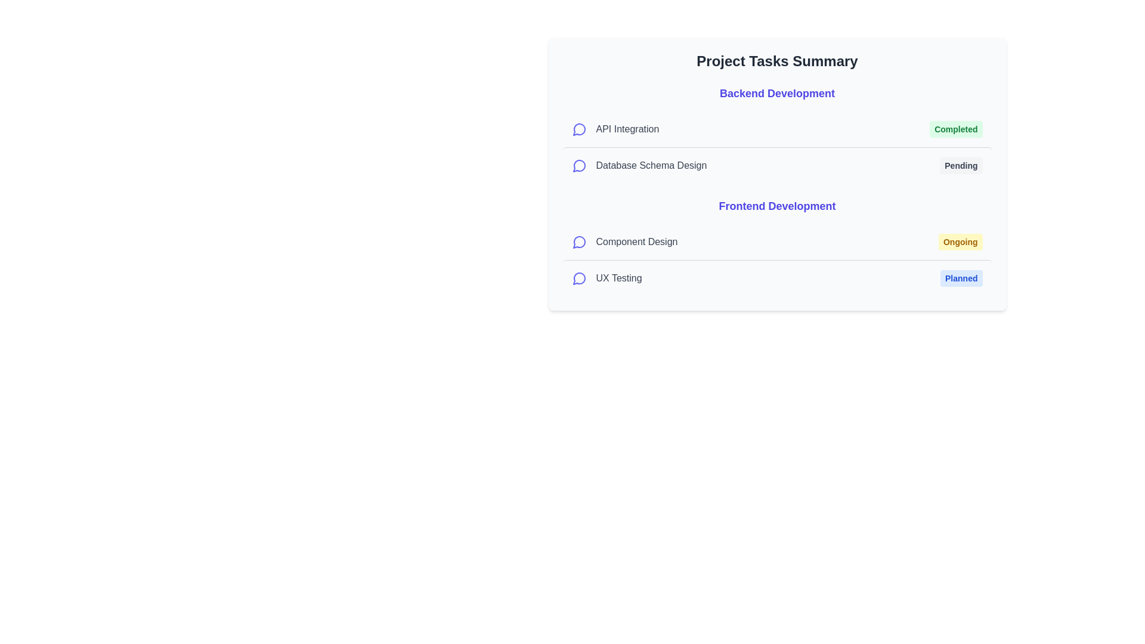 The width and height of the screenshot is (1145, 644). What do you see at coordinates (651, 165) in the screenshot?
I see `the text label displaying 'Database Schema Design' which is the second task item under 'Backend Development'` at bounding box center [651, 165].